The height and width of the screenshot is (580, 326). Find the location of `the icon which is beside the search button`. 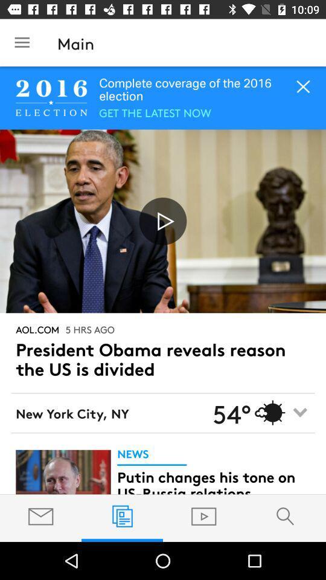

the icon which is beside the search button is located at coordinates (203, 515).